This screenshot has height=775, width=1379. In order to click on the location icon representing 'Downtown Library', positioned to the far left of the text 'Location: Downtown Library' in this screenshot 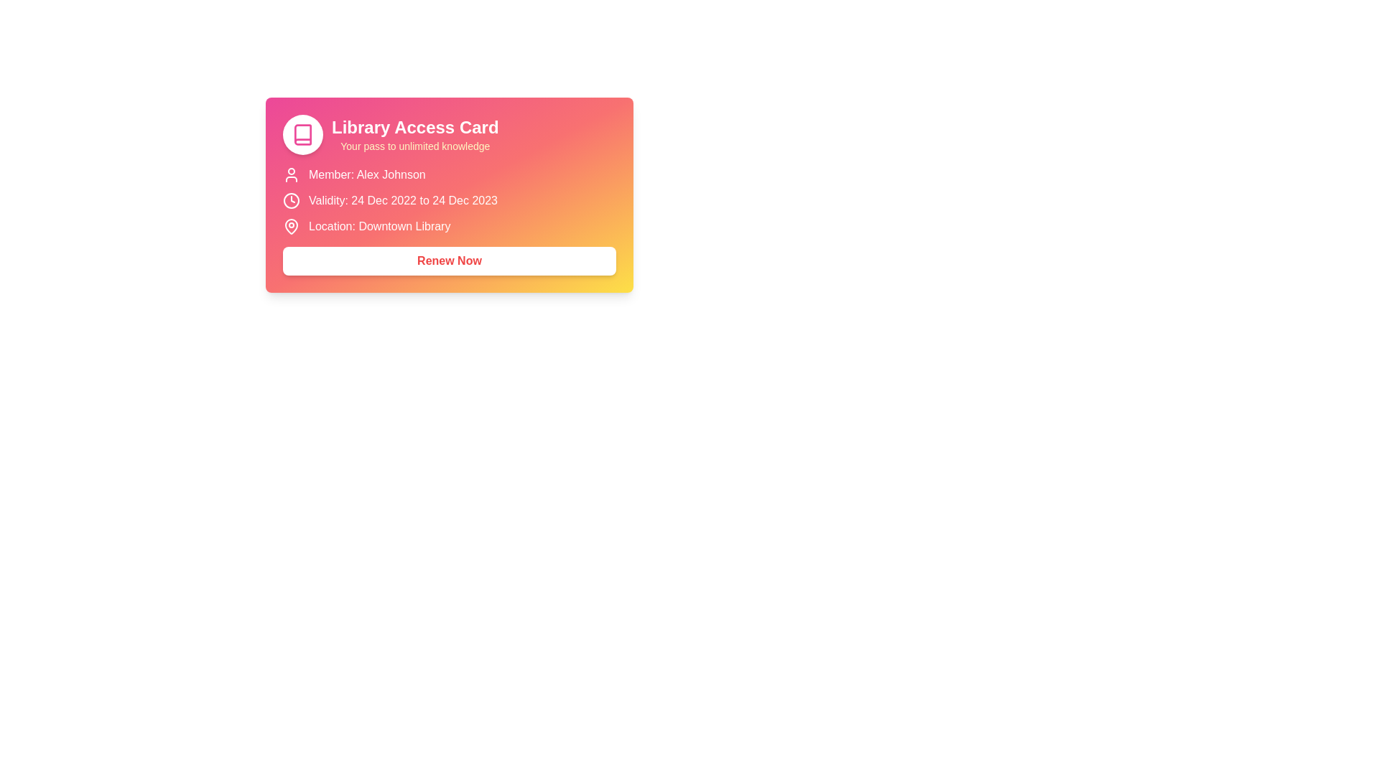, I will do `click(291, 226)`.